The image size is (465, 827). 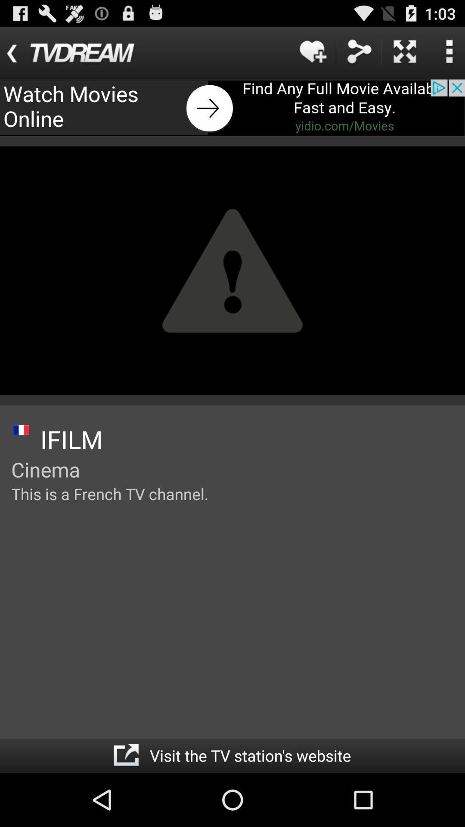 I want to click on advertisement, so click(x=405, y=51).